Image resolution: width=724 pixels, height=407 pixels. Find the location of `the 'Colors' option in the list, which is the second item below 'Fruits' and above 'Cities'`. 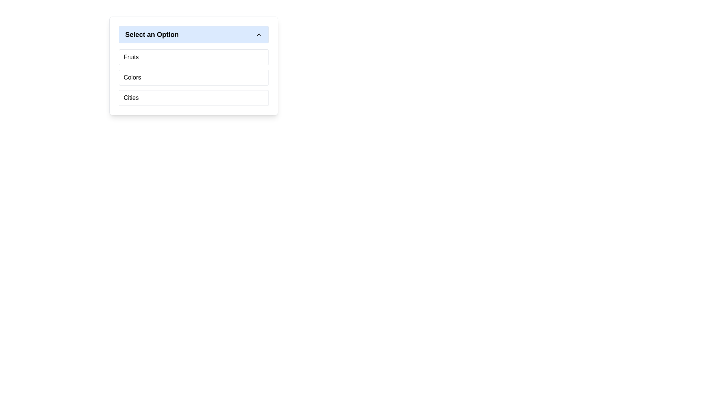

the 'Colors' option in the list, which is the second item below 'Fruits' and above 'Cities' is located at coordinates (193, 77).